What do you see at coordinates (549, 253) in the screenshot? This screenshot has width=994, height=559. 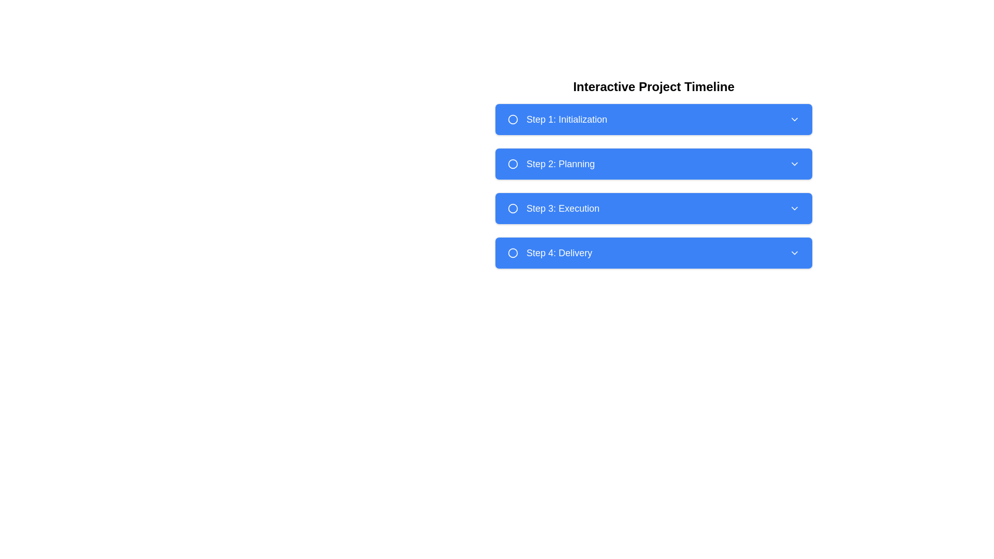 I see `the 'Step 4: Delivery' text component with an icon in the fourth row of the progress list` at bounding box center [549, 253].